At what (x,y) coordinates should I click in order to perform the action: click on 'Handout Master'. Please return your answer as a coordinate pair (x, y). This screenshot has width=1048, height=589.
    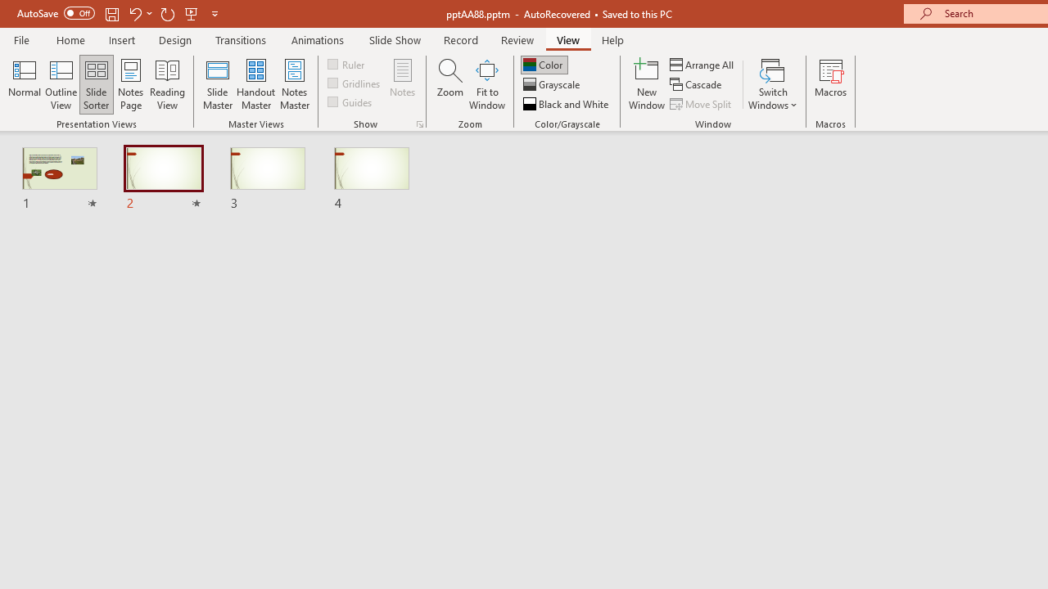
    Looking at the image, I should click on (255, 84).